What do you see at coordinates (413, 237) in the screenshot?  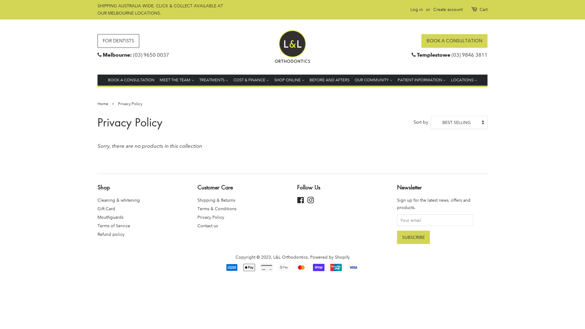 I see `'Subscribe'` at bounding box center [413, 237].